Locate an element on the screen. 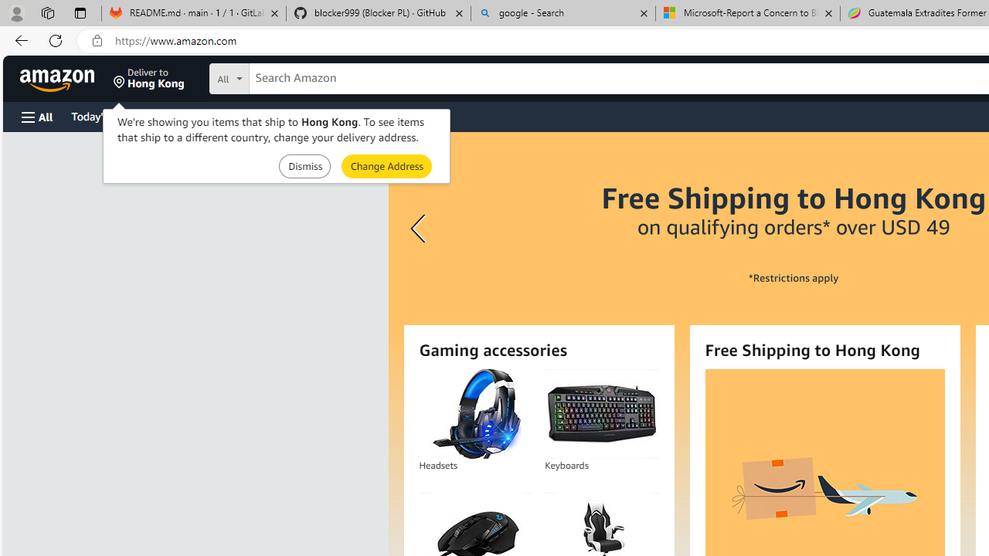 Image resolution: width=989 pixels, height=556 pixels. 'Deliver to Hong Kong' is located at coordinates (149, 78).